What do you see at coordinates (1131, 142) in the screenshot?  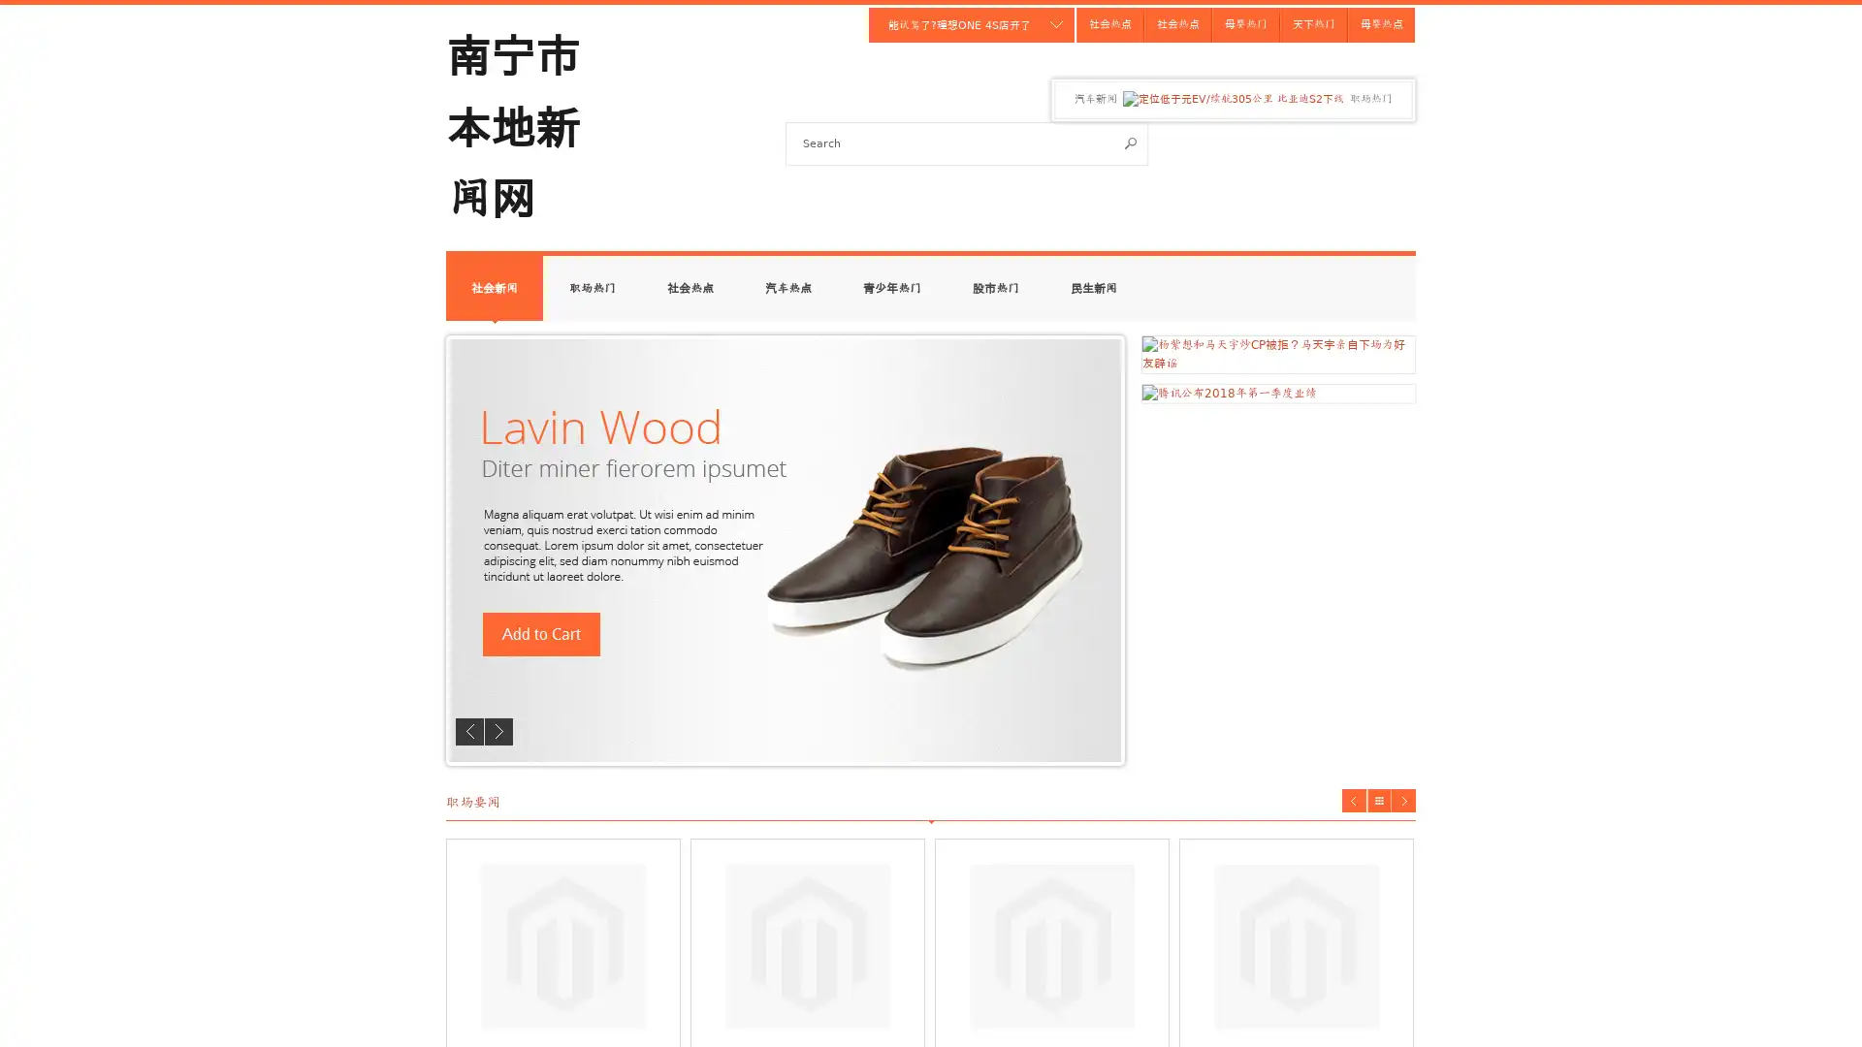 I see `Search` at bounding box center [1131, 142].